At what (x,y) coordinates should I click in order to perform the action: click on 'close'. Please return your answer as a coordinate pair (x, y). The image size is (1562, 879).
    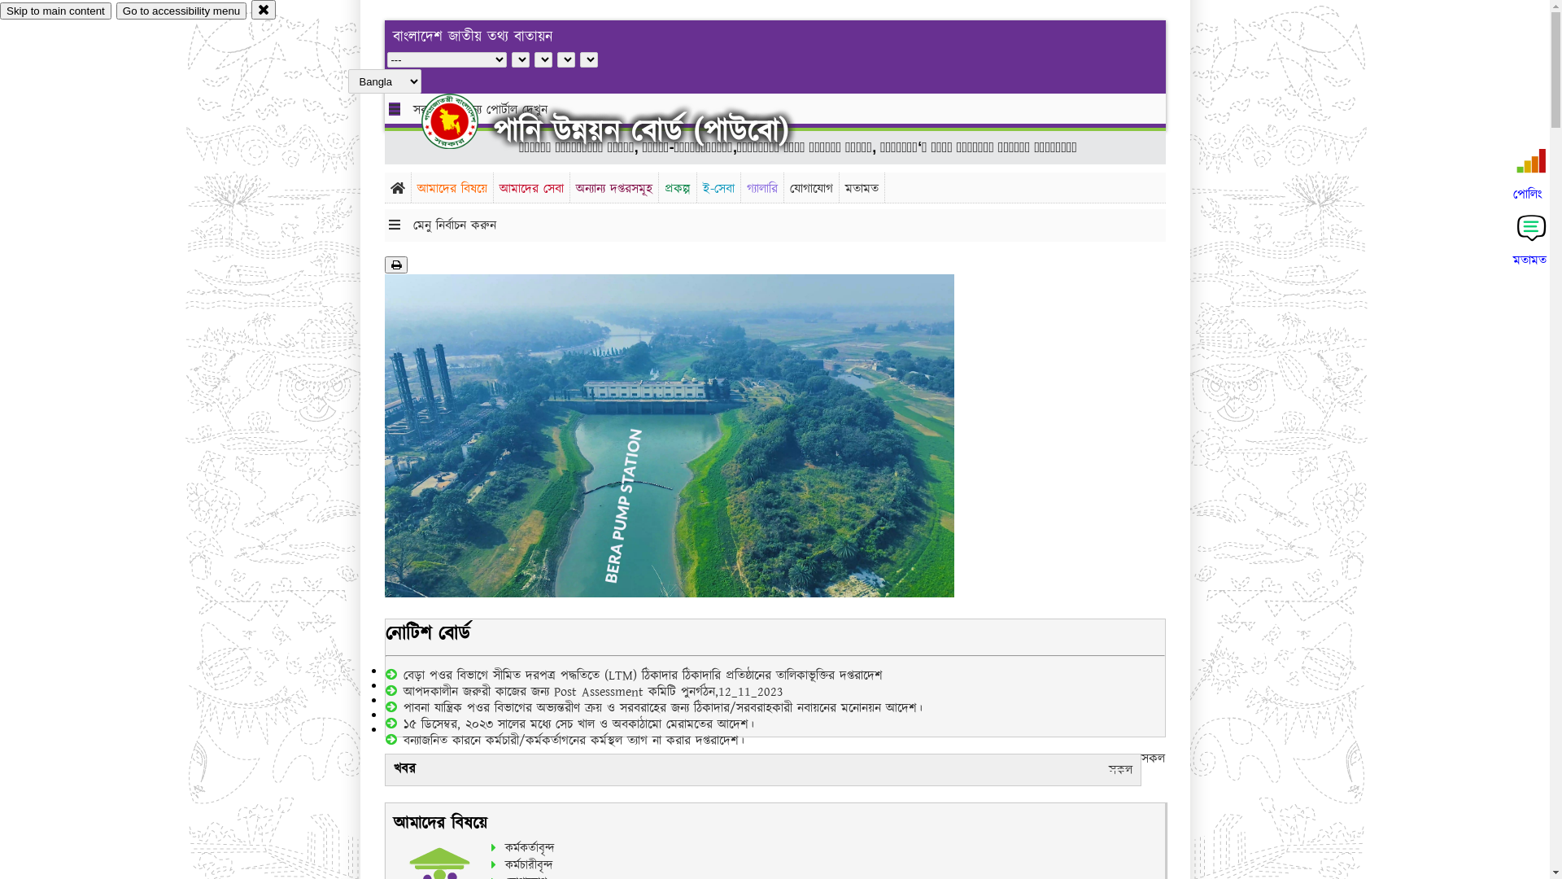
    Looking at the image, I should click on (250, 9).